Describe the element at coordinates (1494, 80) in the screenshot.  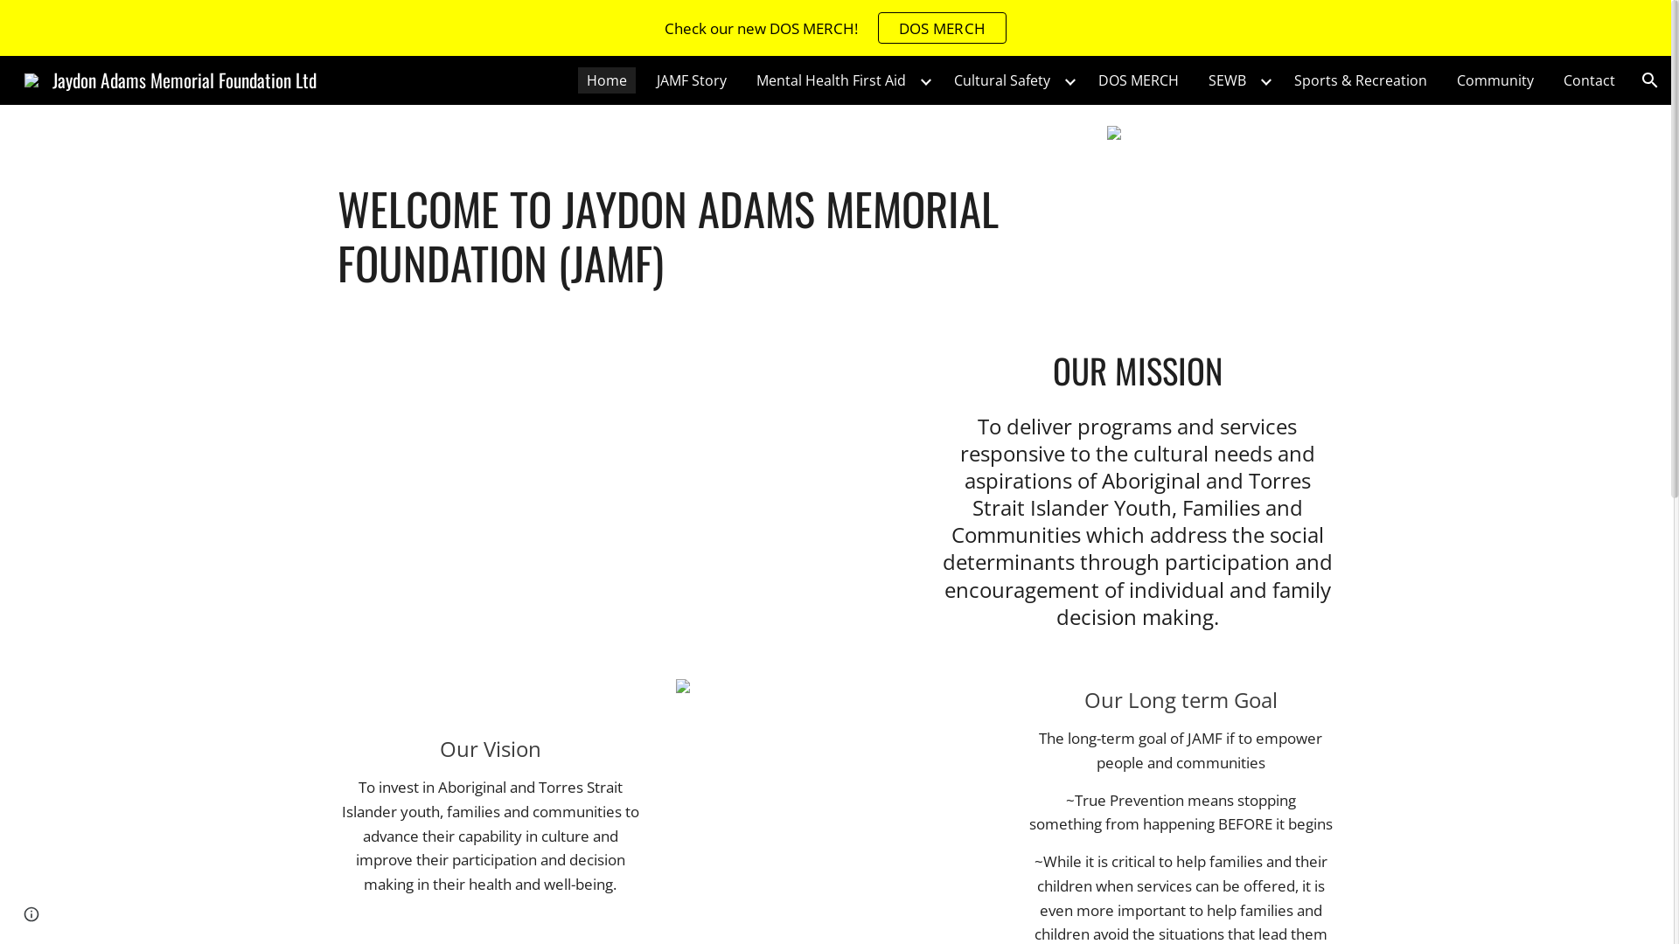
I see `'Community'` at that location.